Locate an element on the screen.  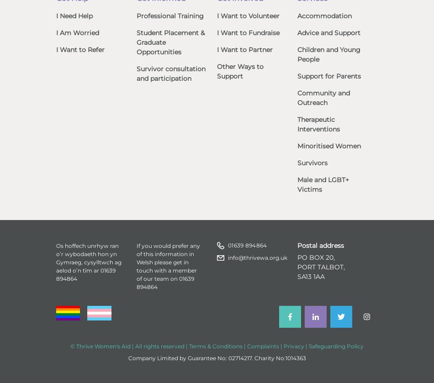
'I Want to Volunteer' is located at coordinates (248, 15).